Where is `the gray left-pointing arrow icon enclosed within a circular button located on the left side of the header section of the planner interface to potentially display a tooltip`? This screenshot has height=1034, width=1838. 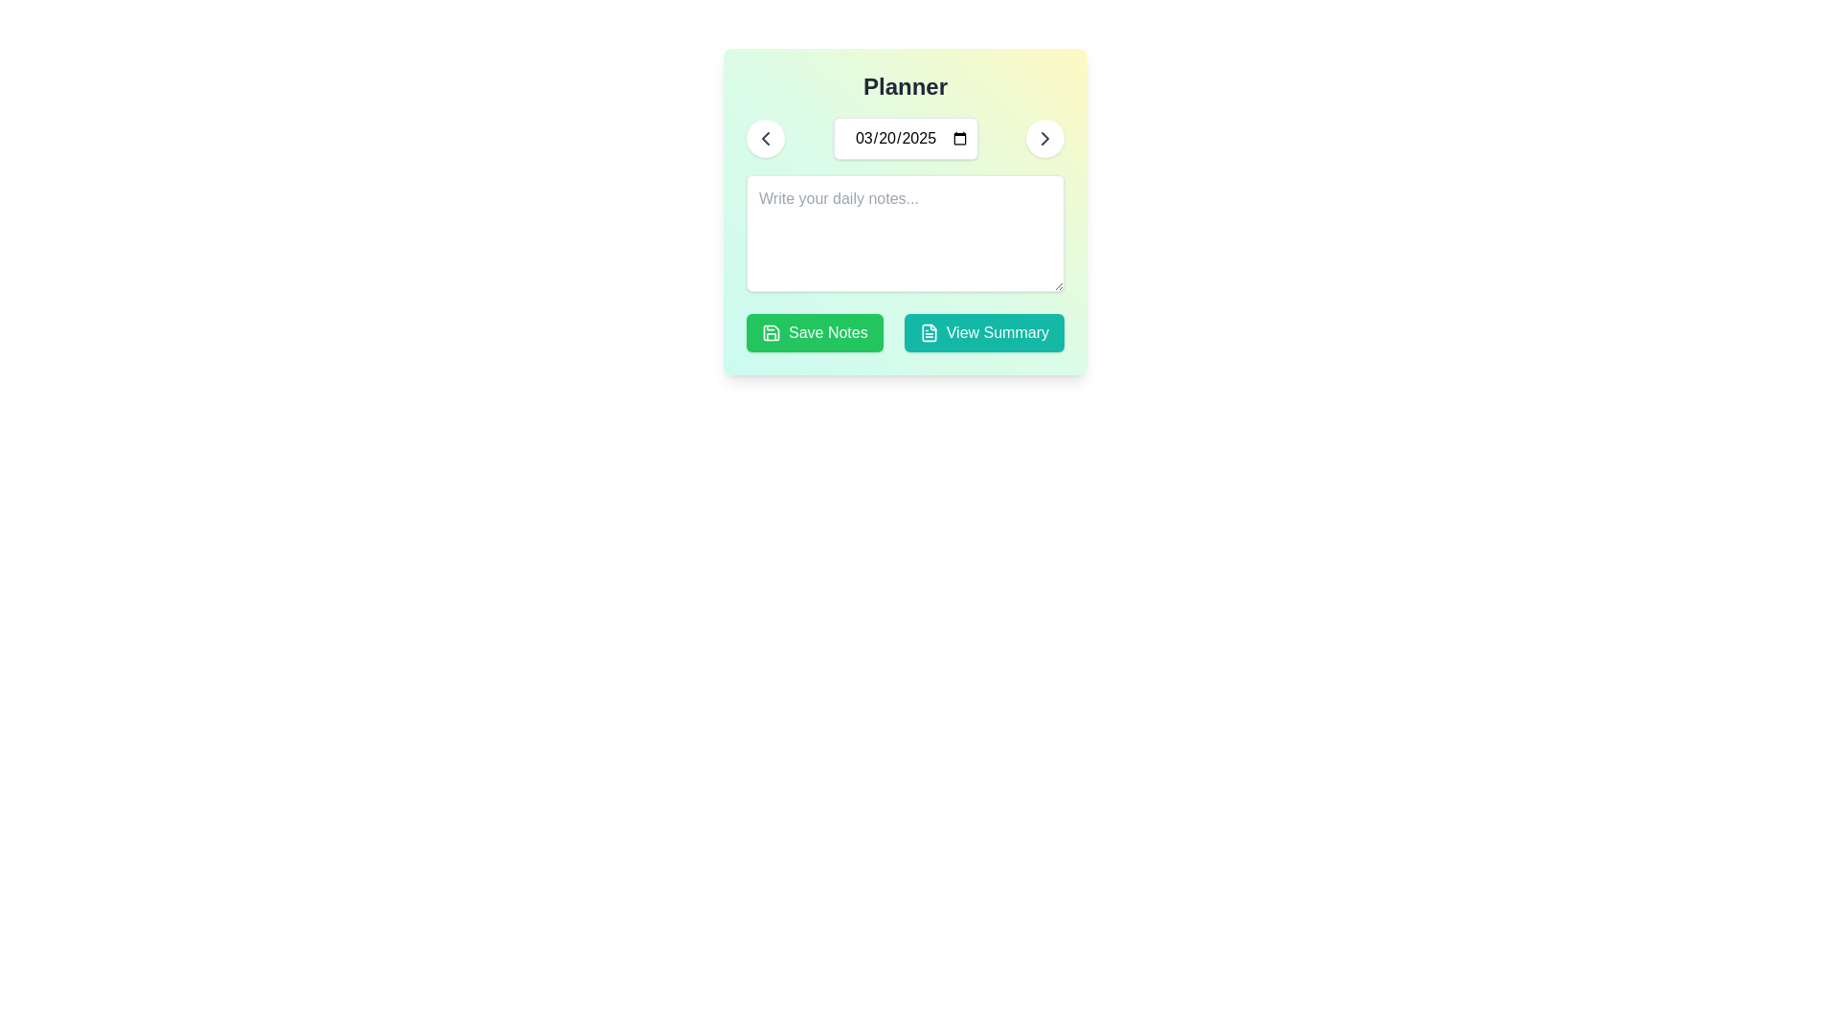 the gray left-pointing arrow icon enclosed within a circular button located on the left side of the header section of the planner interface to potentially display a tooltip is located at coordinates (766, 138).